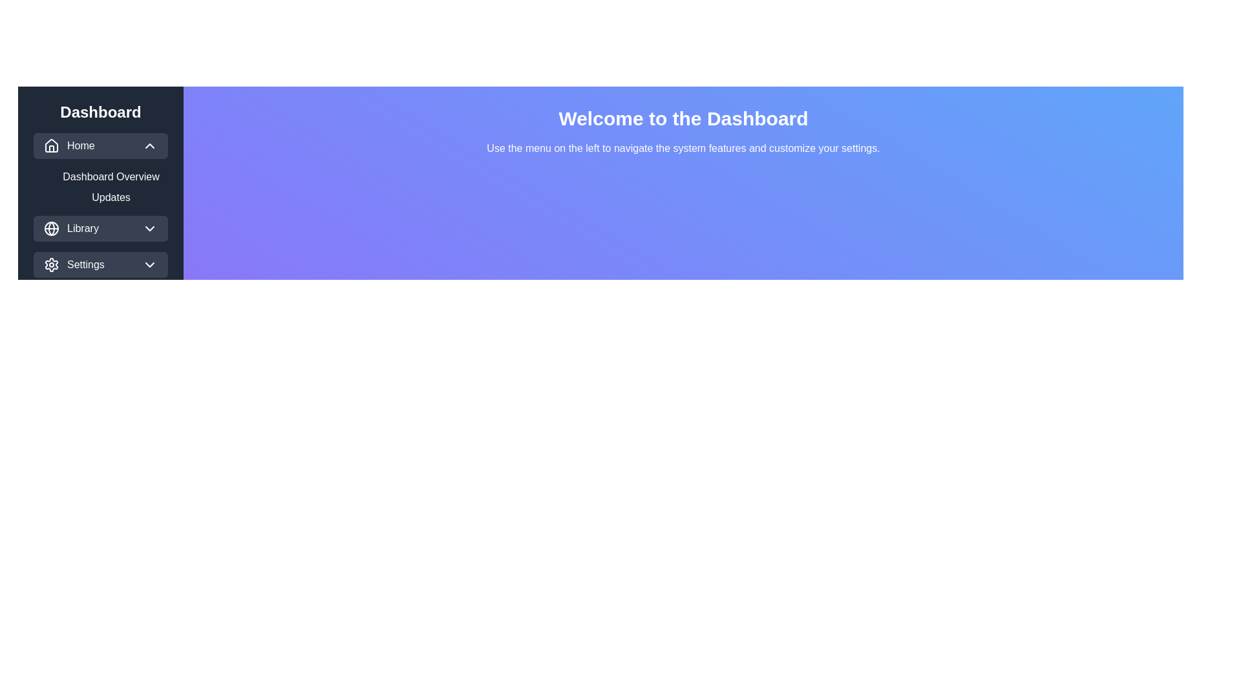 The image size is (1241, 698). What do you see at coordinates (111, 197) in the screenshot?
I see `the 'Updates' text link located in the side menu under 'Dashboard Overview'` at bounding box center [111, 197].